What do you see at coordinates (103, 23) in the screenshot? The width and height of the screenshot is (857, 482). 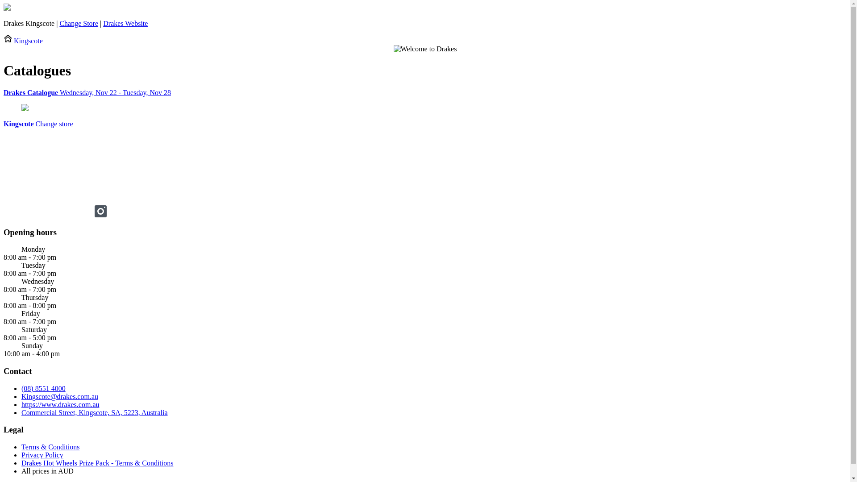 I see `'Drakes Website'` at bounding box center [103, 23].